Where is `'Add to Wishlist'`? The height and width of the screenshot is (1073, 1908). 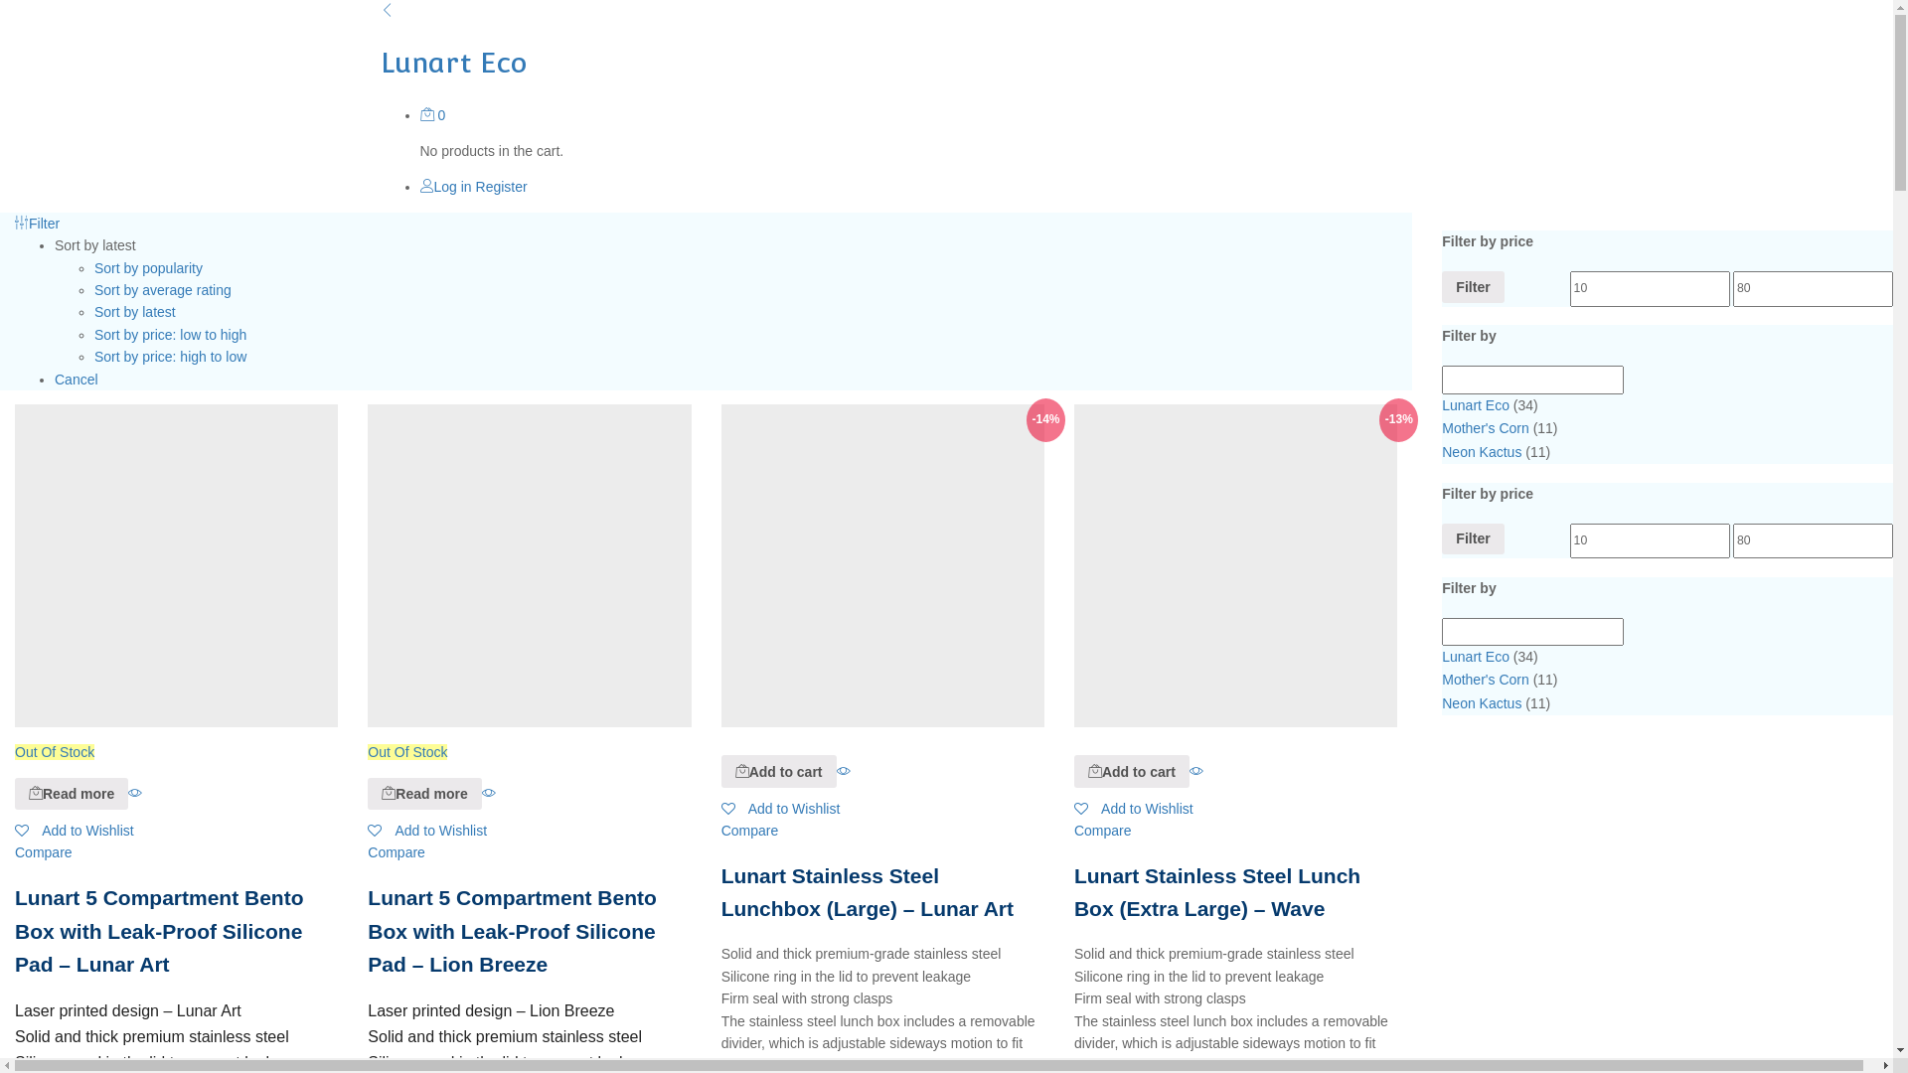 'Add to Wishlist' is located at coordinates (426, 831).